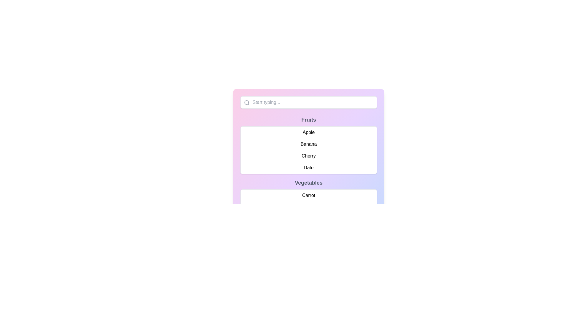 This screenshot has height=318, width=565. What do you see at coordinates (247, 102) in the screenshot?
I see `the magnifying glass icon located on the left side of the input field labeled 'Start typing...'` at bounding box center [247, 102].